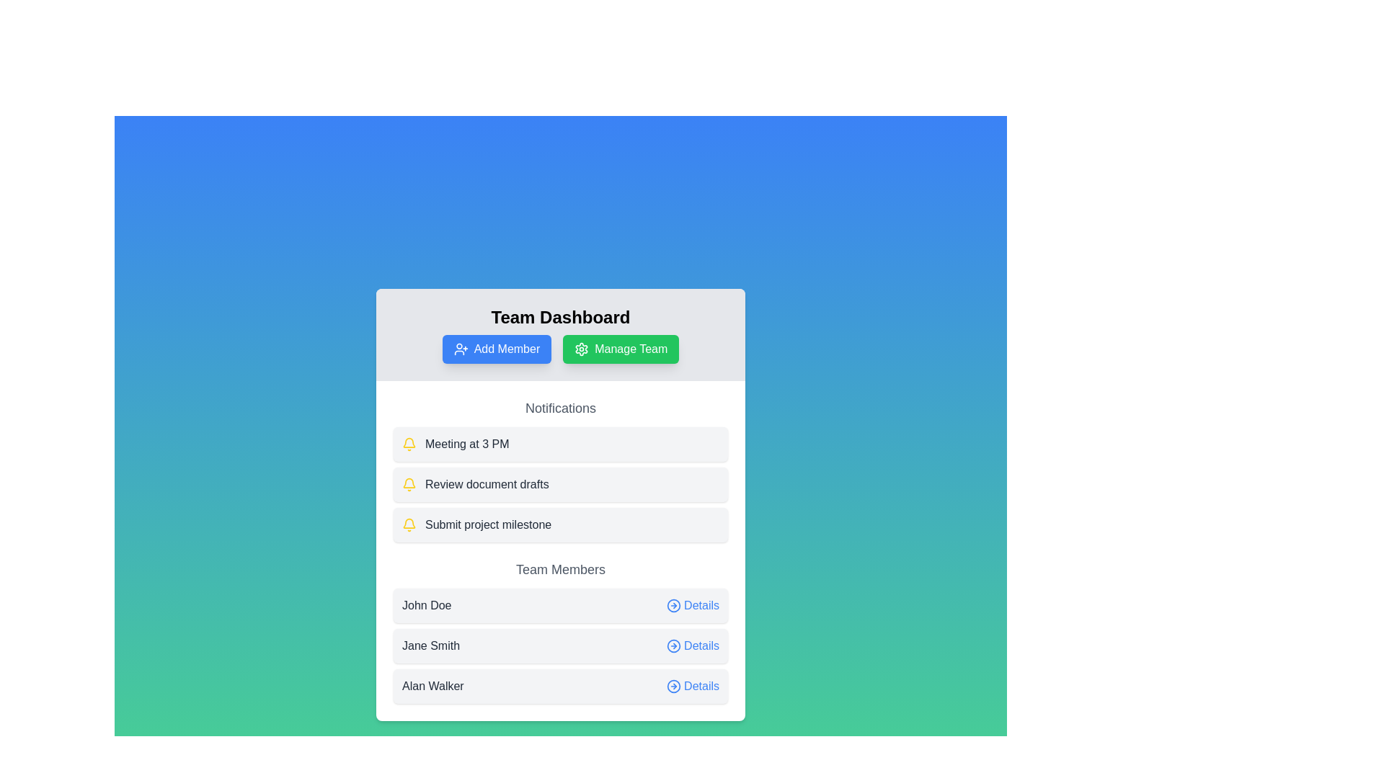 The width and height of the screenshot is (1384, 778). What do you see at coordinates (559, 470) in the screenshot?
I see `the second notification item in the 'Notifications' section, which reminds the user to 'Review document drafts'` at bounding box center [559, 470].